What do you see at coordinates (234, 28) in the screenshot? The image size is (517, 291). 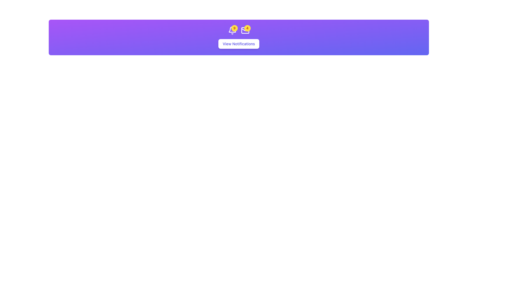 I see `the Notification badge that displays the count of unseen notifications, located near the top-right corner of the bell icon in the header area` at bounding box center [234, 28].